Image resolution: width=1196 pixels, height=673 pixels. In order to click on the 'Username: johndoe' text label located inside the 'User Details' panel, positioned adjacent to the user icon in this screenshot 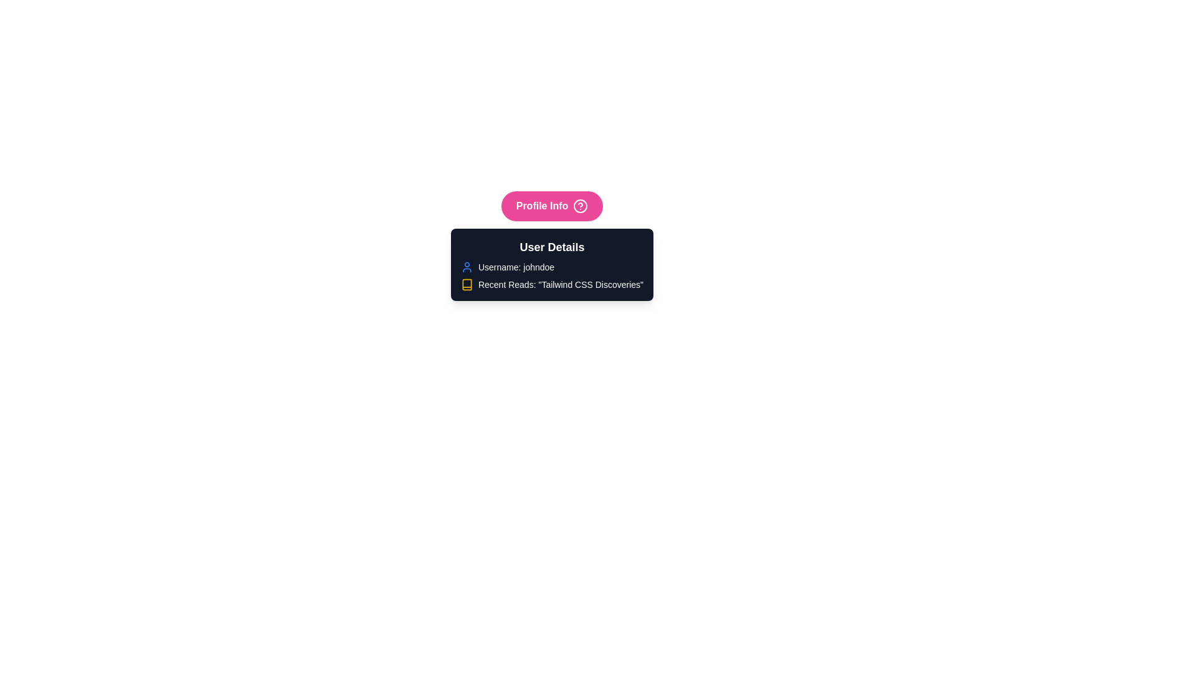, I will do `click(516, 266)`.